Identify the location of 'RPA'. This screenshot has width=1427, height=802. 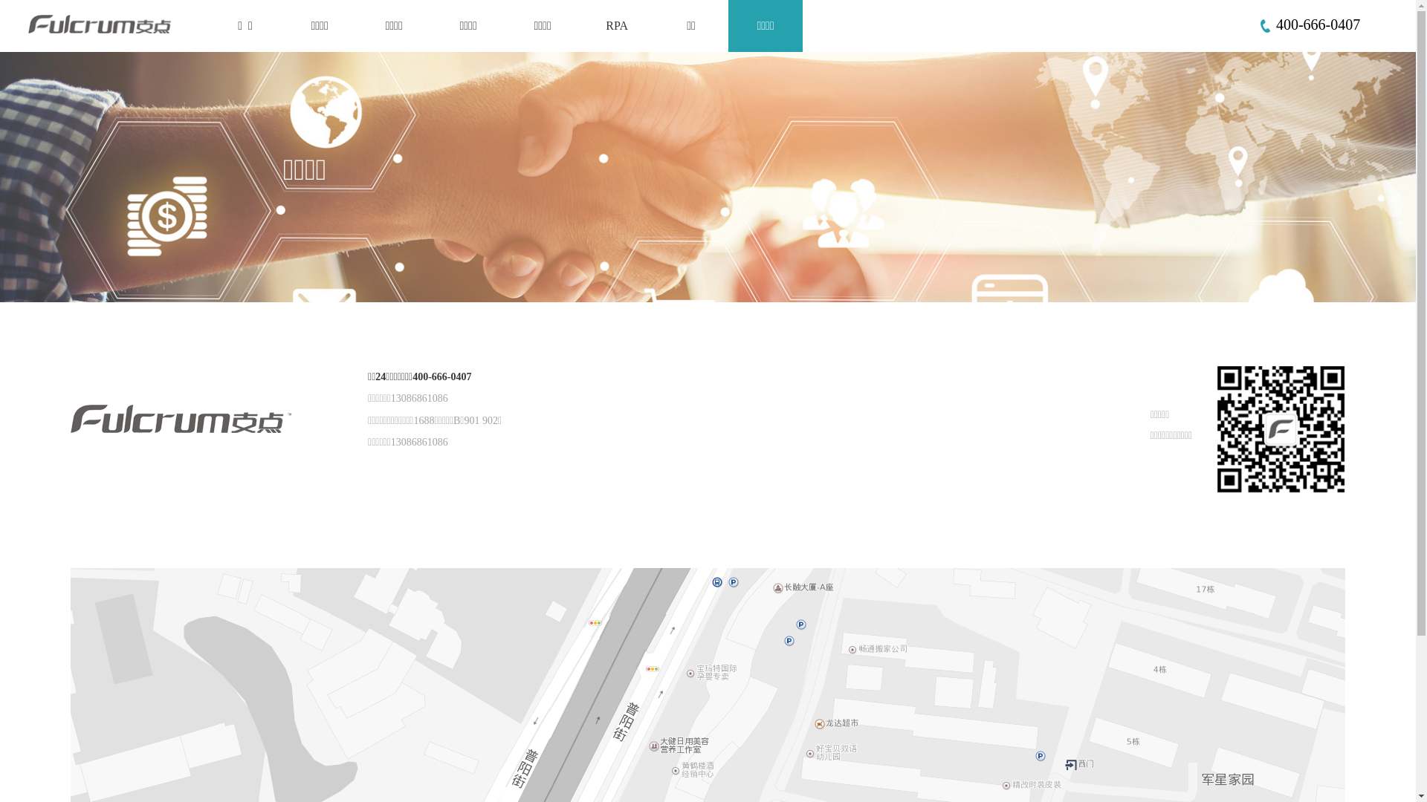
(617, 25).